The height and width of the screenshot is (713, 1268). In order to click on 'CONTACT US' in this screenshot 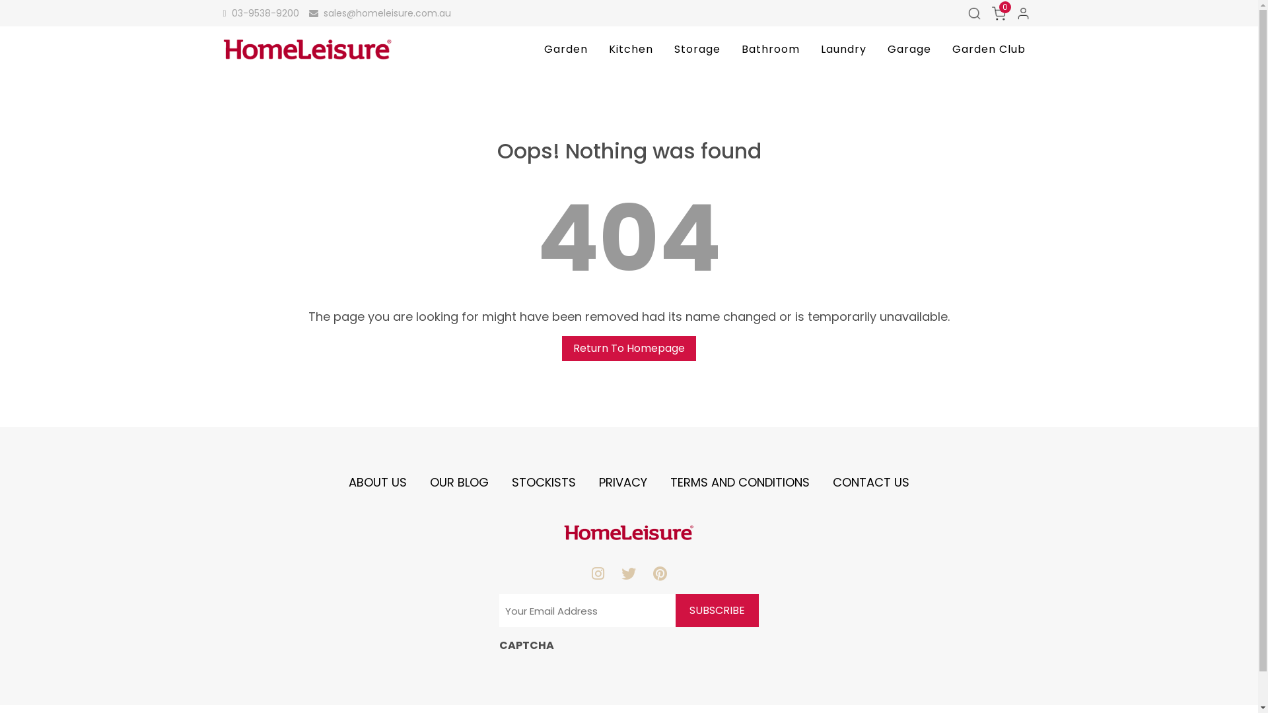, I will do `click(871, 482)`.